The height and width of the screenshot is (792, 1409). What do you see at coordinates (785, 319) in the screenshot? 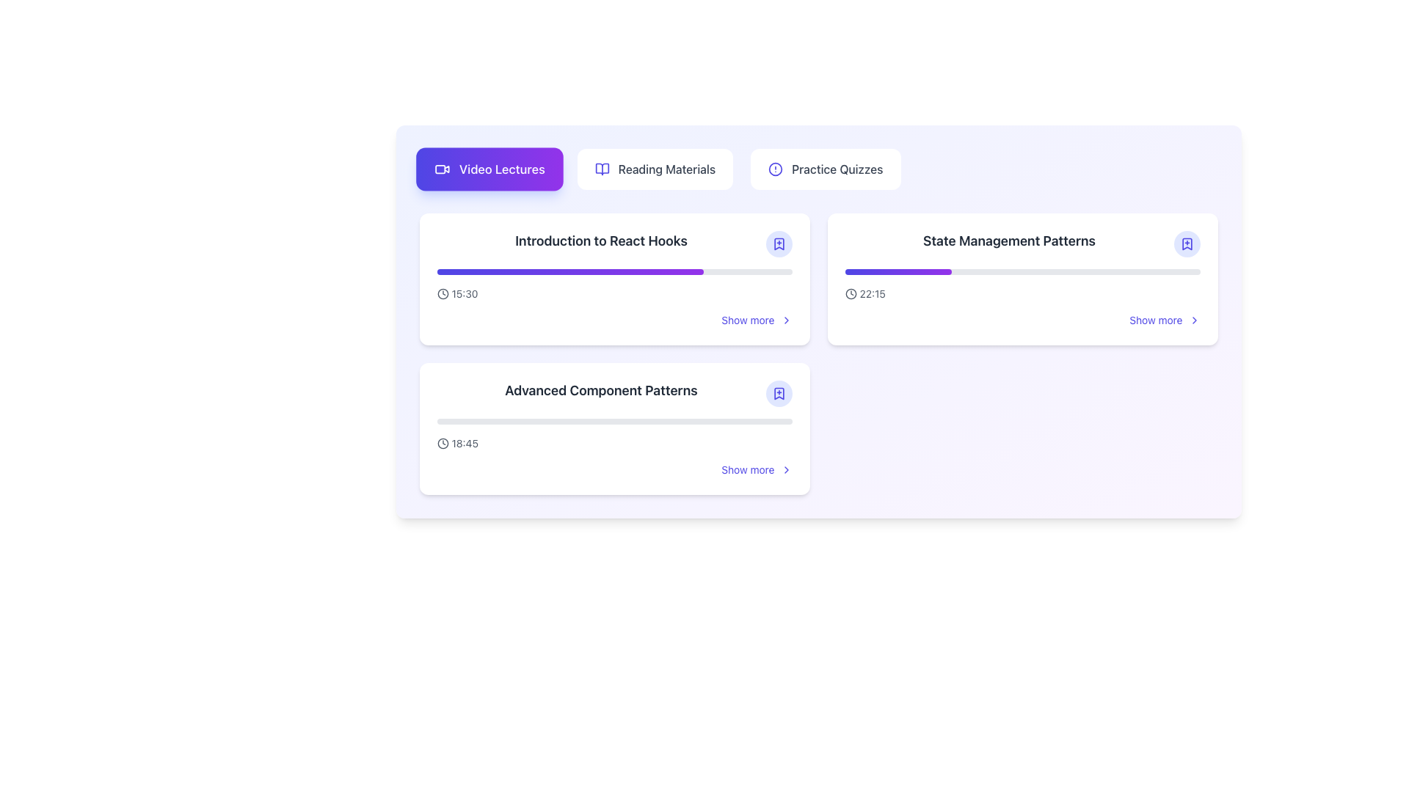
I see `the arrow icon located immediately to the right of the 'Show more' text under each lecture entry` at bounding box center [785, 319].